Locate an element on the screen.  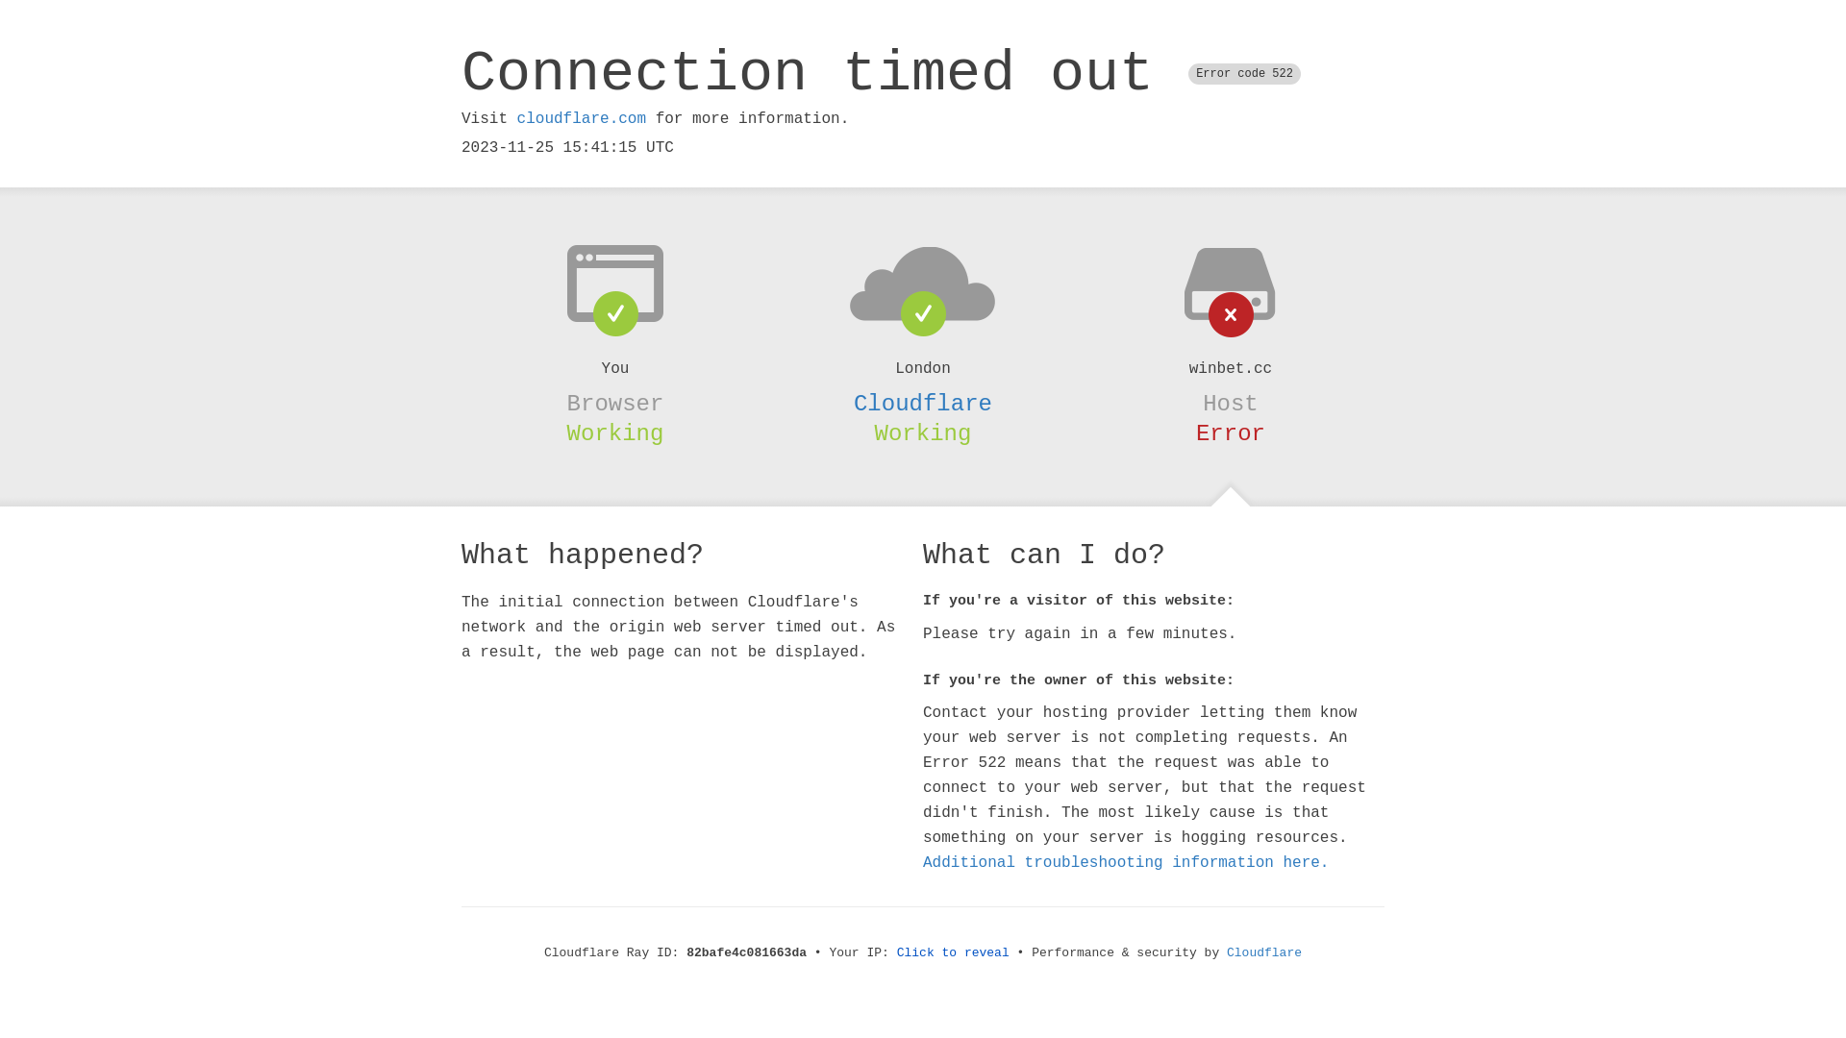
'cloudflare.com' is located at coordinates (580, 118).